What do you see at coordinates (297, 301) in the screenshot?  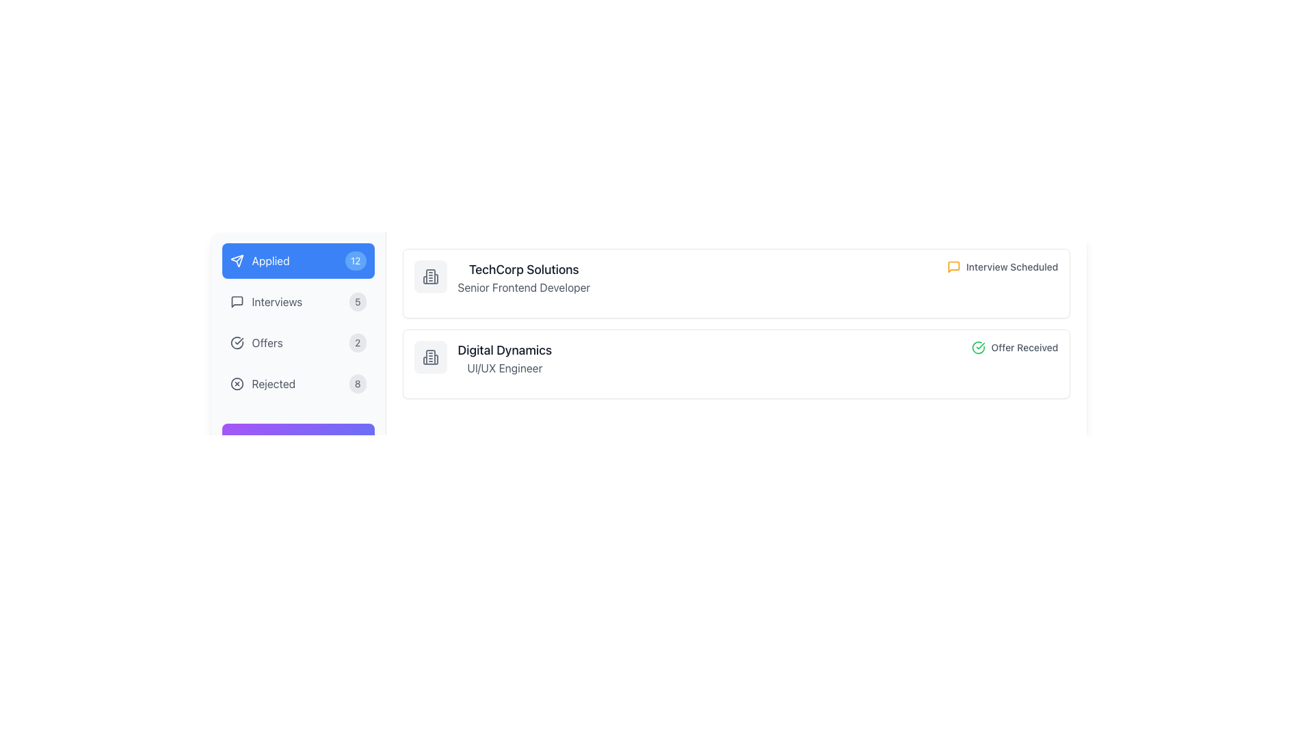 I see `the 'Interviews' button located in the left panel` at bounding box center [297, 301].